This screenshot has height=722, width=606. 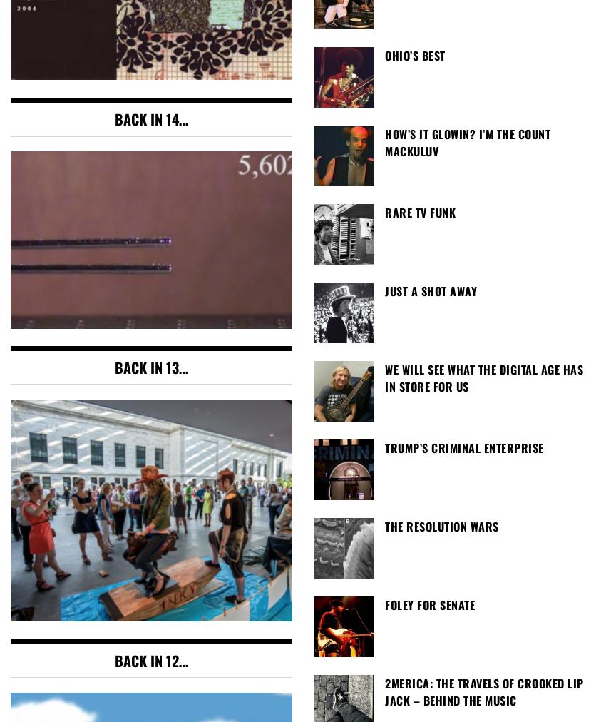 I want to click on 'Back in 14…', so click(x=150, y=118).